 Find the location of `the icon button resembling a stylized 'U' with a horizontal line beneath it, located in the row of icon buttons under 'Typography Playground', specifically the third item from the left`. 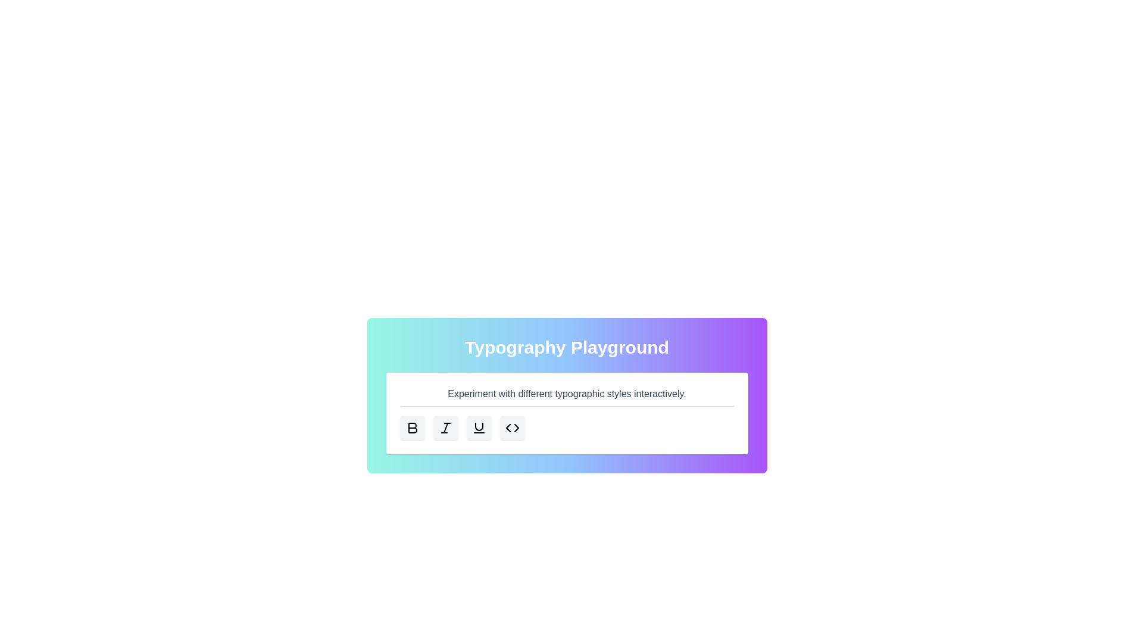

the icon button resembling a stylized 'U' with a horizontal line beneath it, located in the row of icon buttons under 'Typography Playground', specifically the third item from the left is located at coordinates (479, 427).